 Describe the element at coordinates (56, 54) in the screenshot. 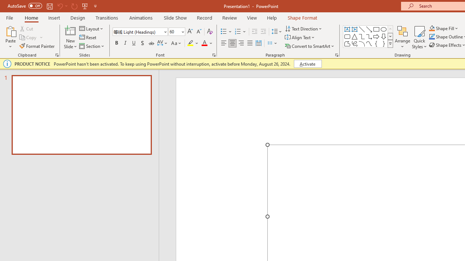

I see `'Office Clipboard...'` at that location.